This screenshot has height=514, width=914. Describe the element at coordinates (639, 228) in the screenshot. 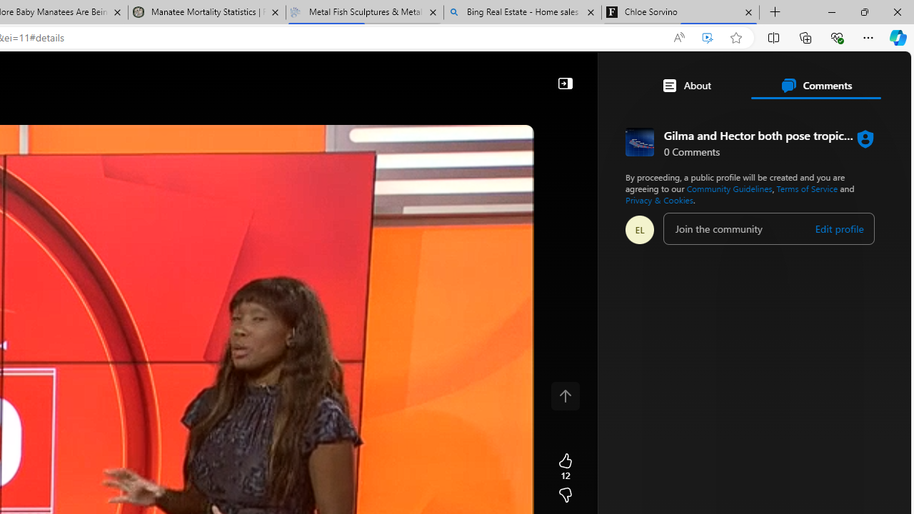

I see `'Profile Picture'` at that location.